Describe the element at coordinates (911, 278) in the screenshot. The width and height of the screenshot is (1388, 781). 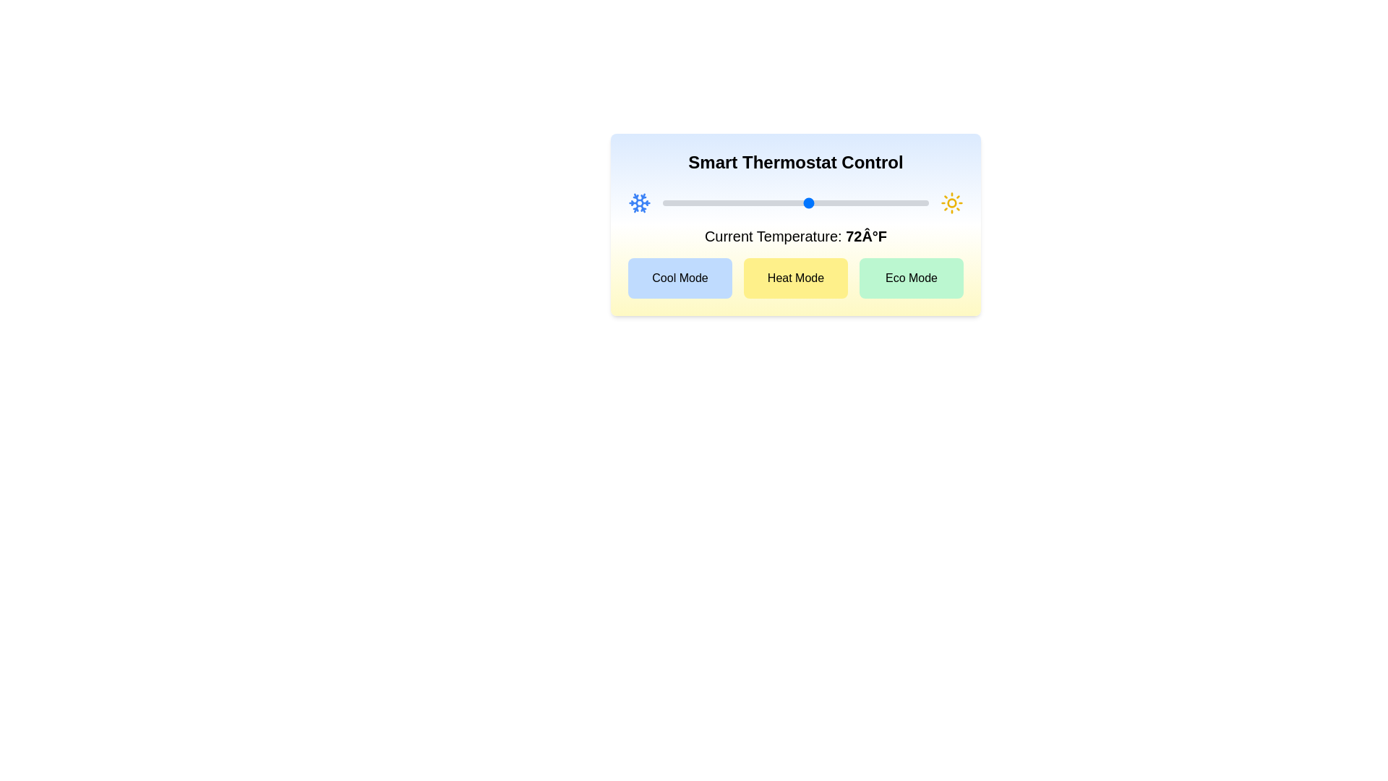
I see `the 'Eco Mode' button to activate the eco mode` at that location.